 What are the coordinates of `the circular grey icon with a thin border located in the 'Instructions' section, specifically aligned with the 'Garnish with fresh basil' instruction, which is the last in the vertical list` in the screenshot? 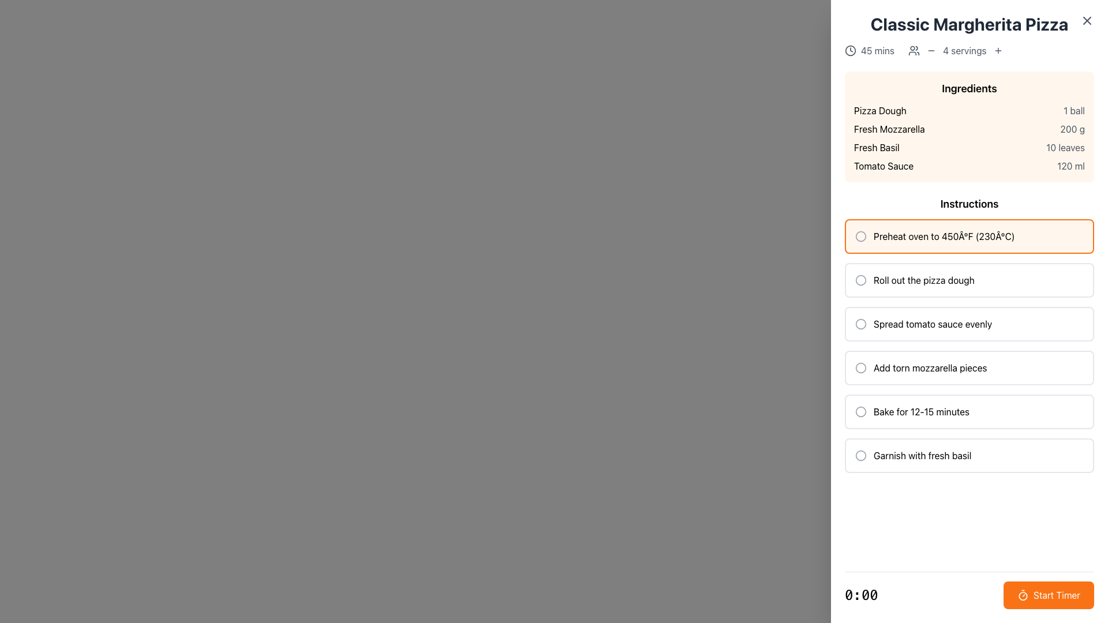 It's located at (861, 455).